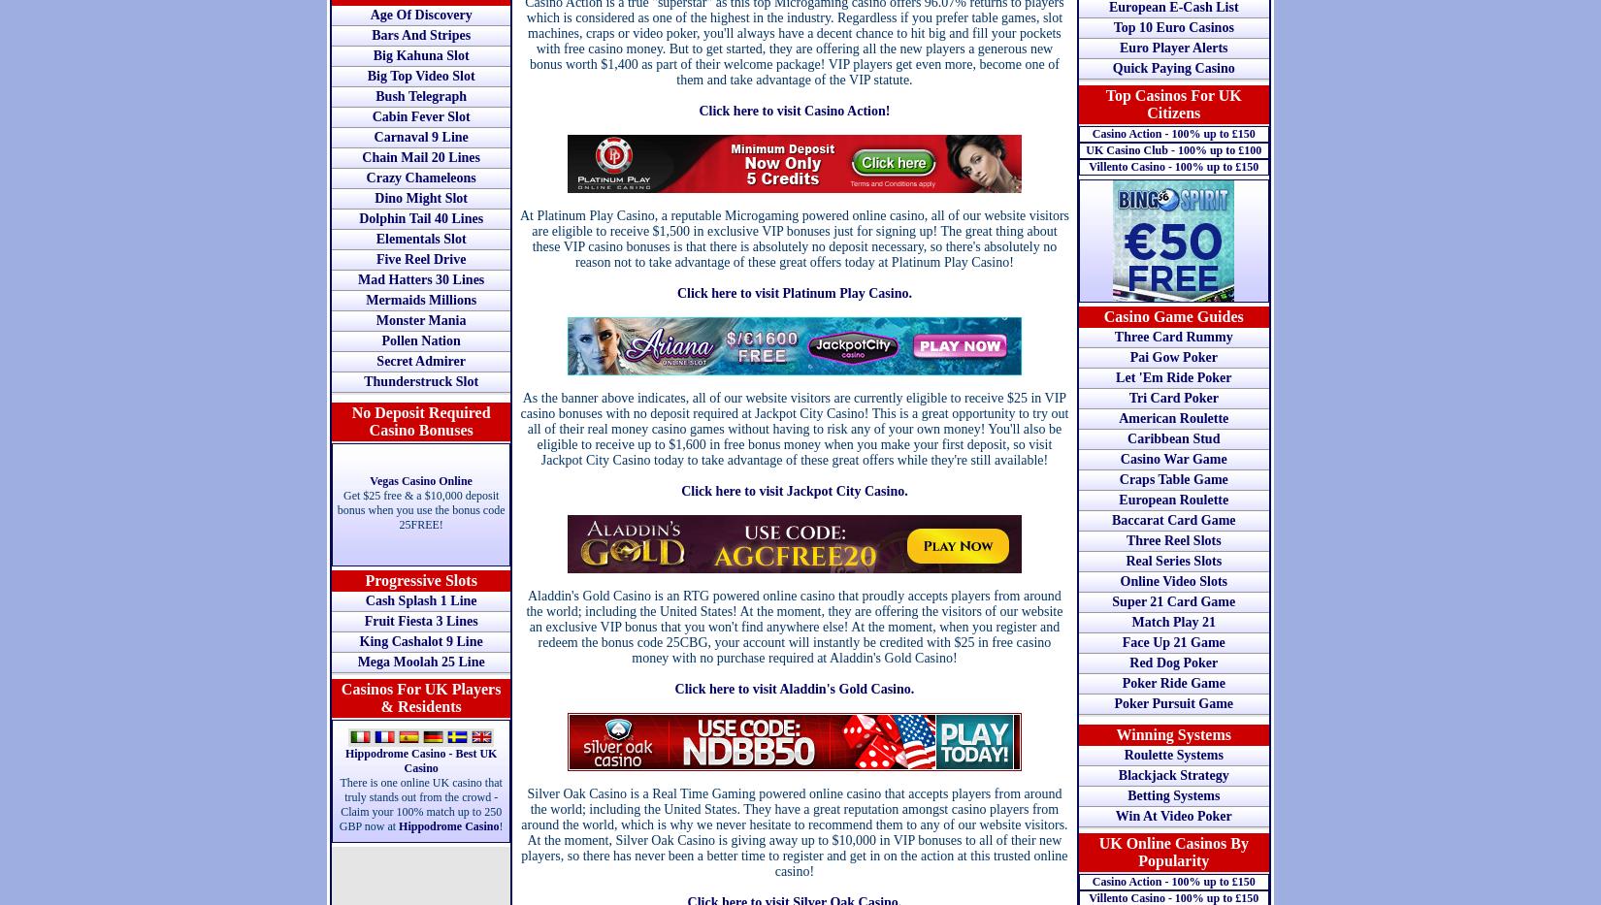  I want to click on 'Five
                      Reel Drive', so click(419, 259).